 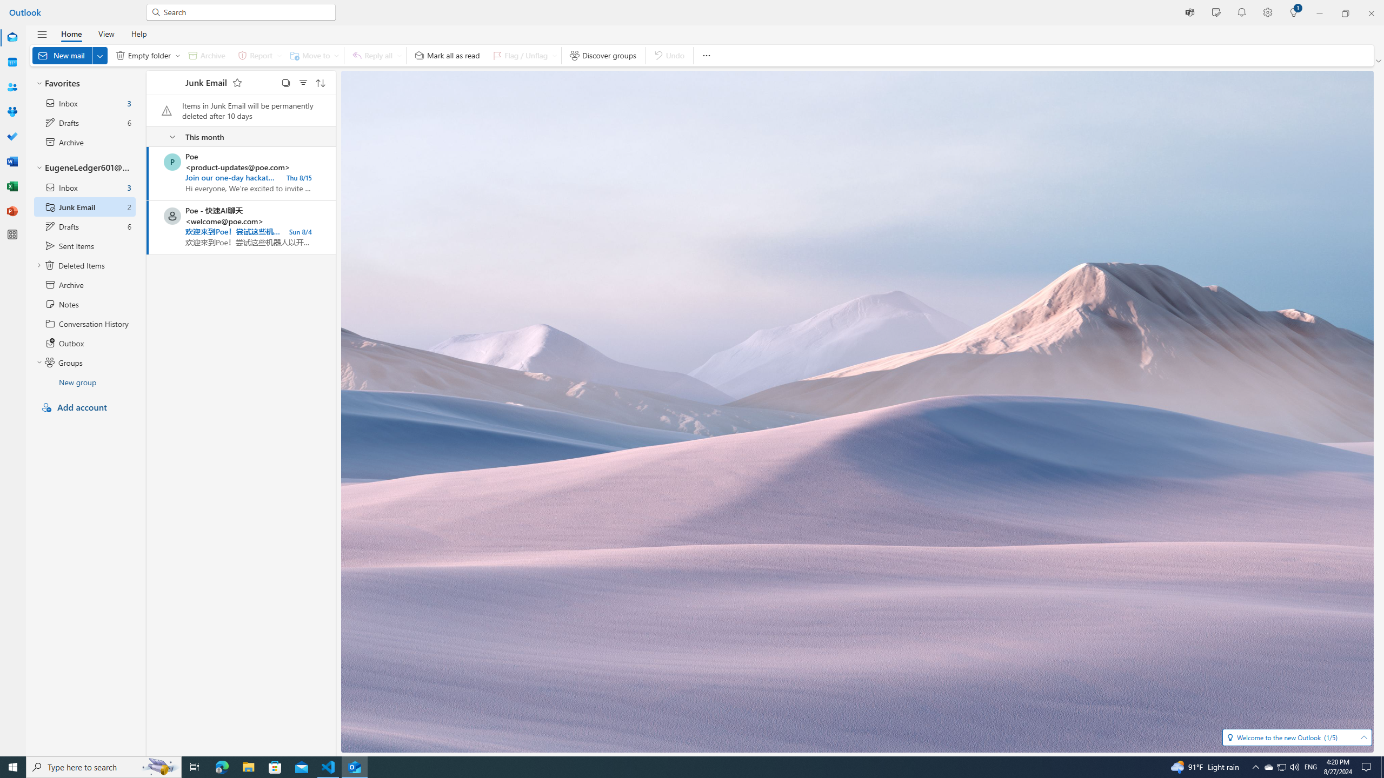 What do you see at coordinates (398, 55) in the screenshot?
I see `'Expand to see more respond options'` at bounding box center [398, 55].